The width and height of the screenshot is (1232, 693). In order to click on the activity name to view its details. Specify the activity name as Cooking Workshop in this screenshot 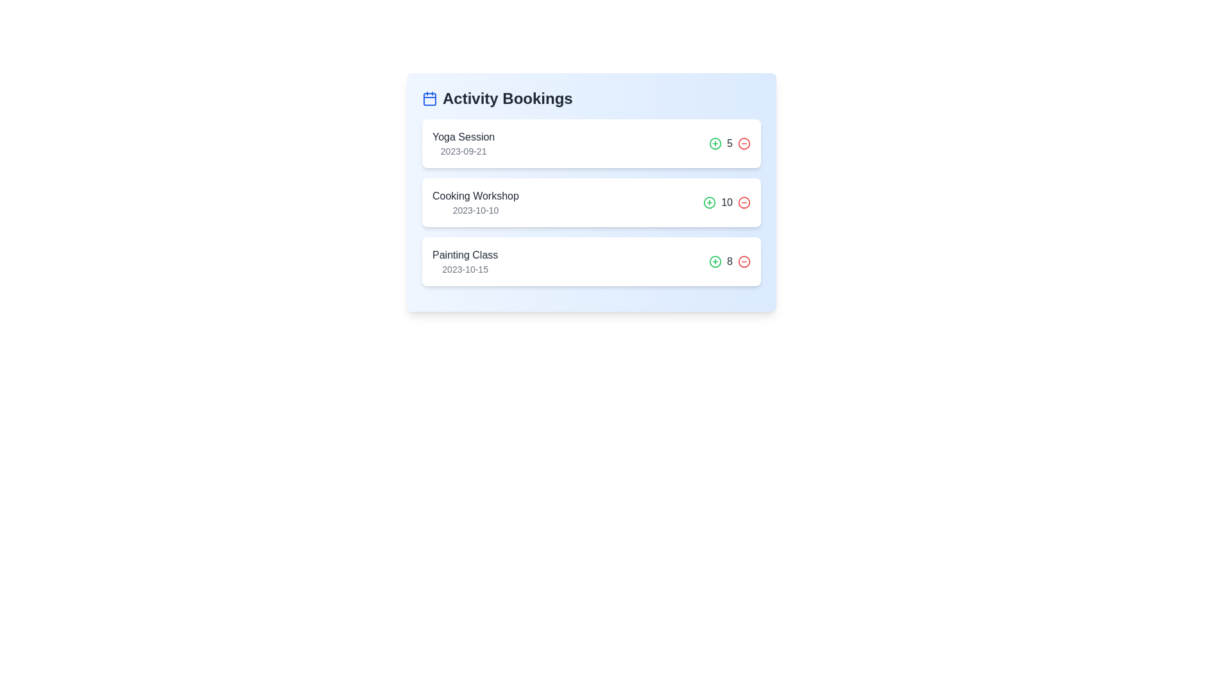, I will do `click(474, 196)`.